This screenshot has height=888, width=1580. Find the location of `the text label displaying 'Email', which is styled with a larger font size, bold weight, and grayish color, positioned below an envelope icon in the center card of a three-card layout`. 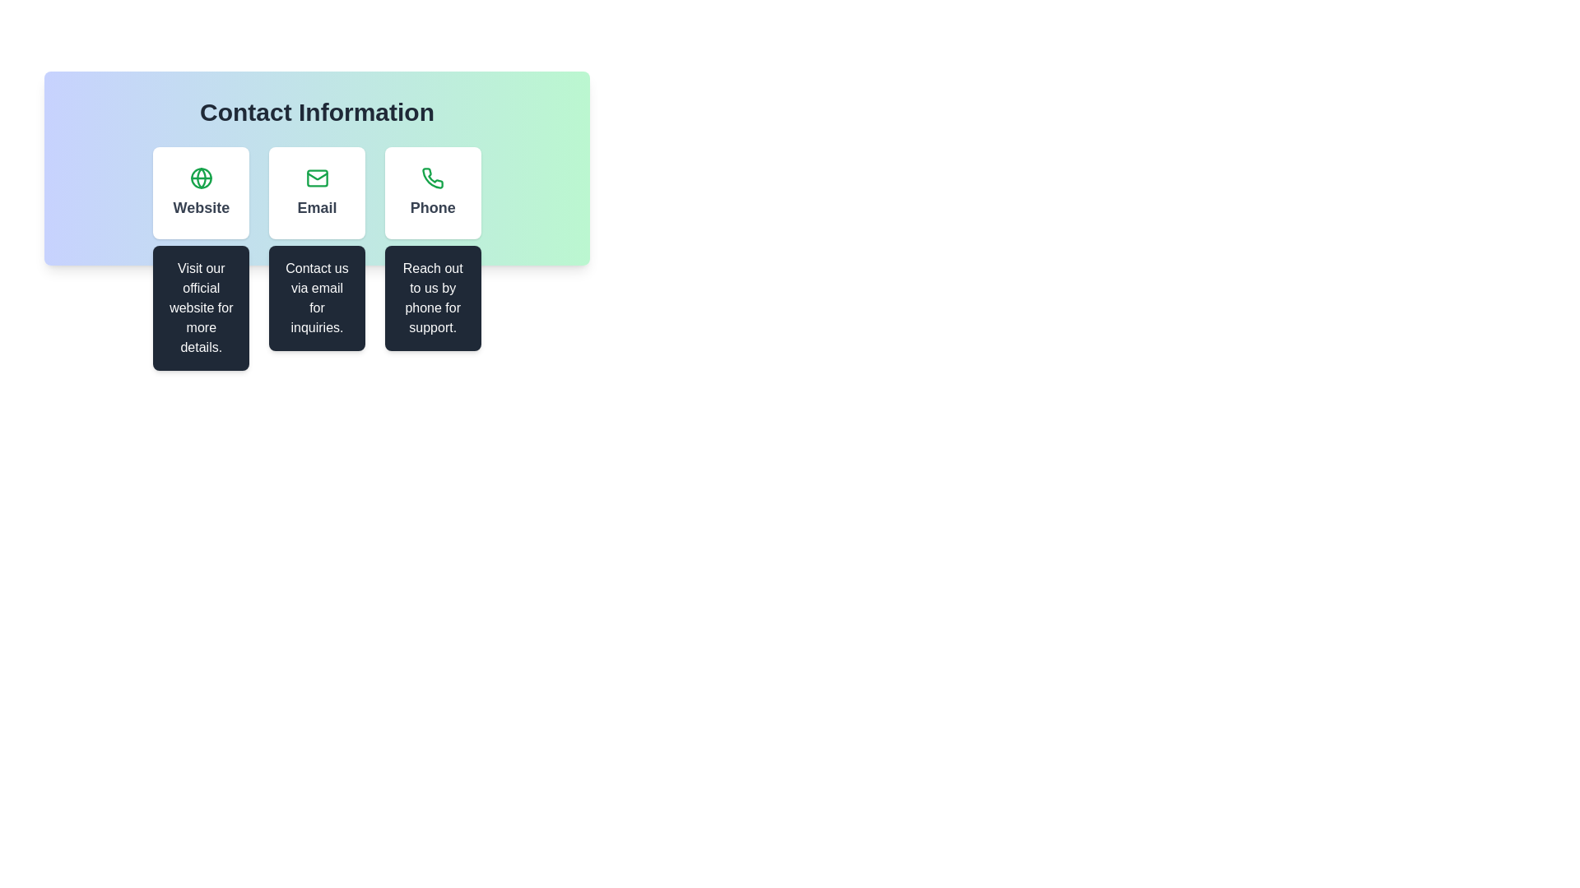

the text label displaying 'Email', which is styled with a larger font size, bold weight, and grayish color, positioned below an envelope icon in the center card of a three-card layout is located at coordinates (317, 207).